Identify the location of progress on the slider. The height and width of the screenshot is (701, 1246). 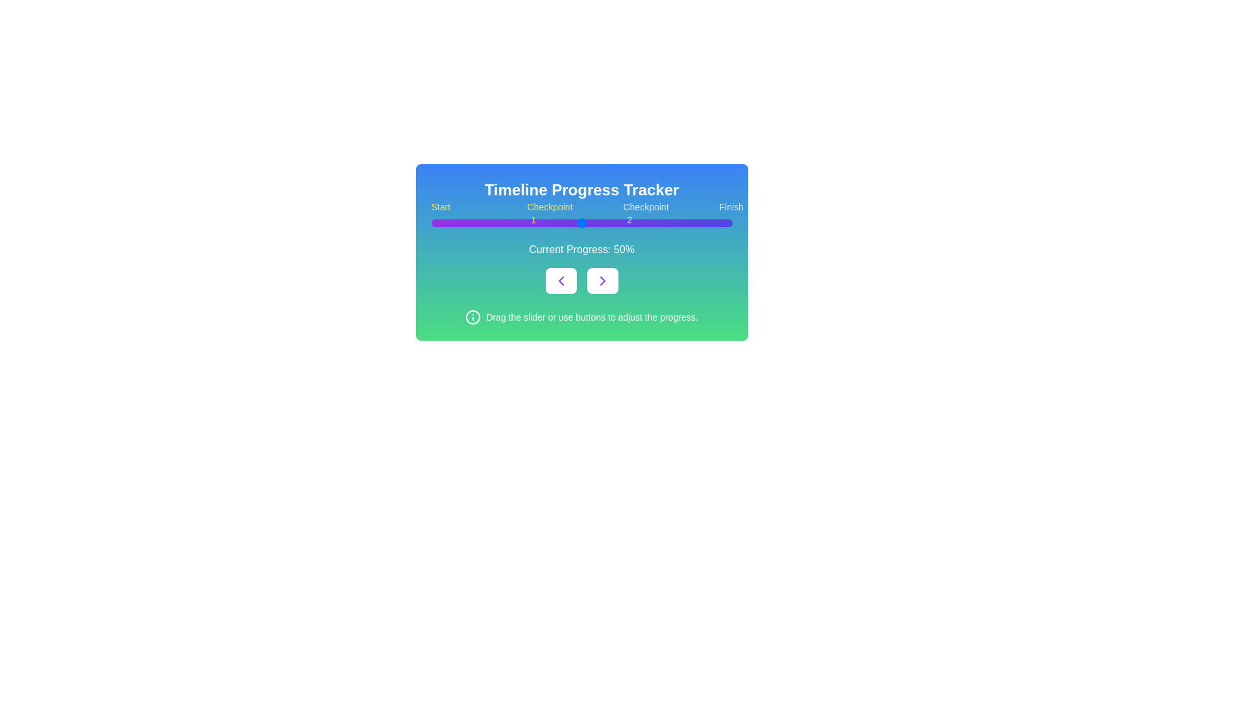
(593, 222).